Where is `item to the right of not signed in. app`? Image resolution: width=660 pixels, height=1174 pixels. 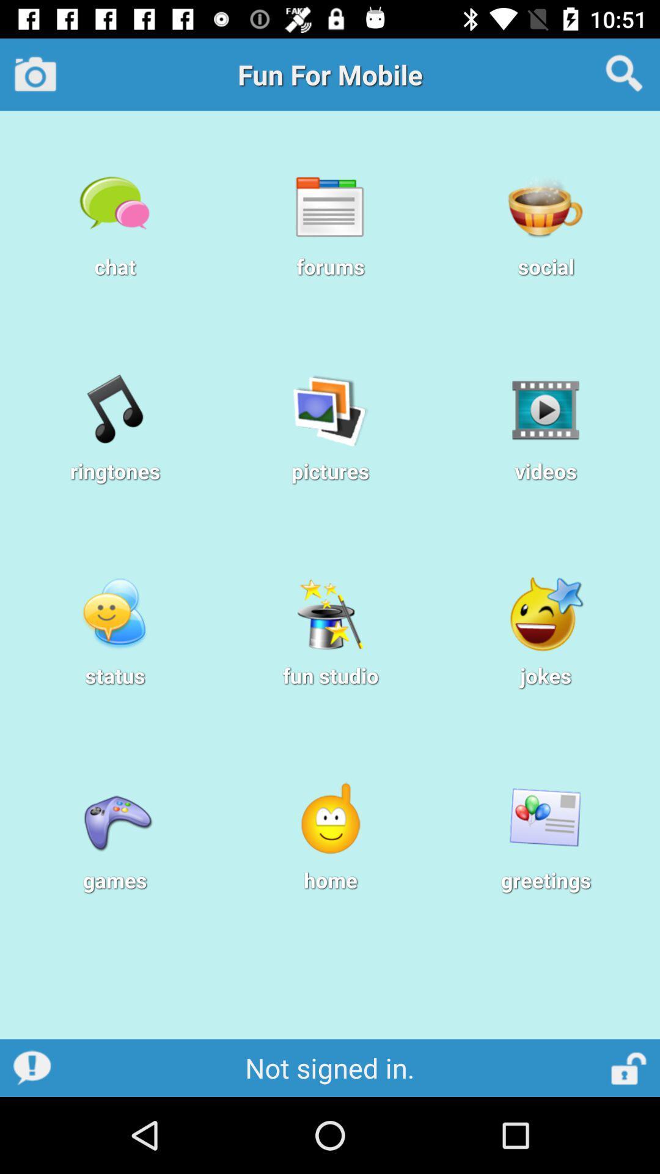
item to the right of not signed in. app is located at coordinates (629, 1067).